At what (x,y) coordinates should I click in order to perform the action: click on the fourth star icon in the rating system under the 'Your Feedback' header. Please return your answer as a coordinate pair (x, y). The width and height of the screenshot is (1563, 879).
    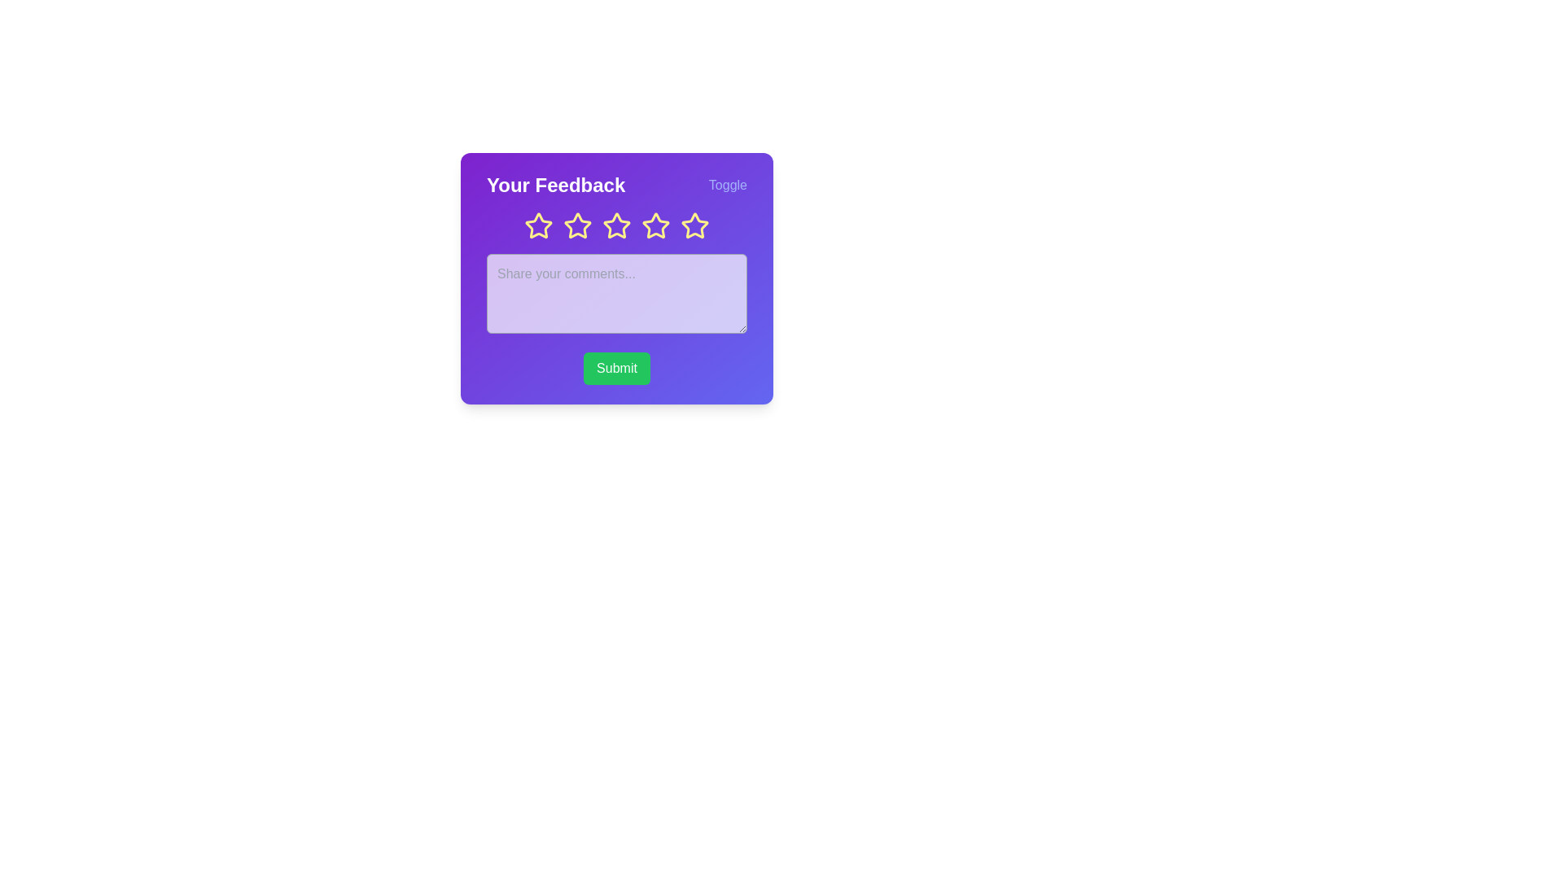
    Looking at the image, I should click on (616, 225).